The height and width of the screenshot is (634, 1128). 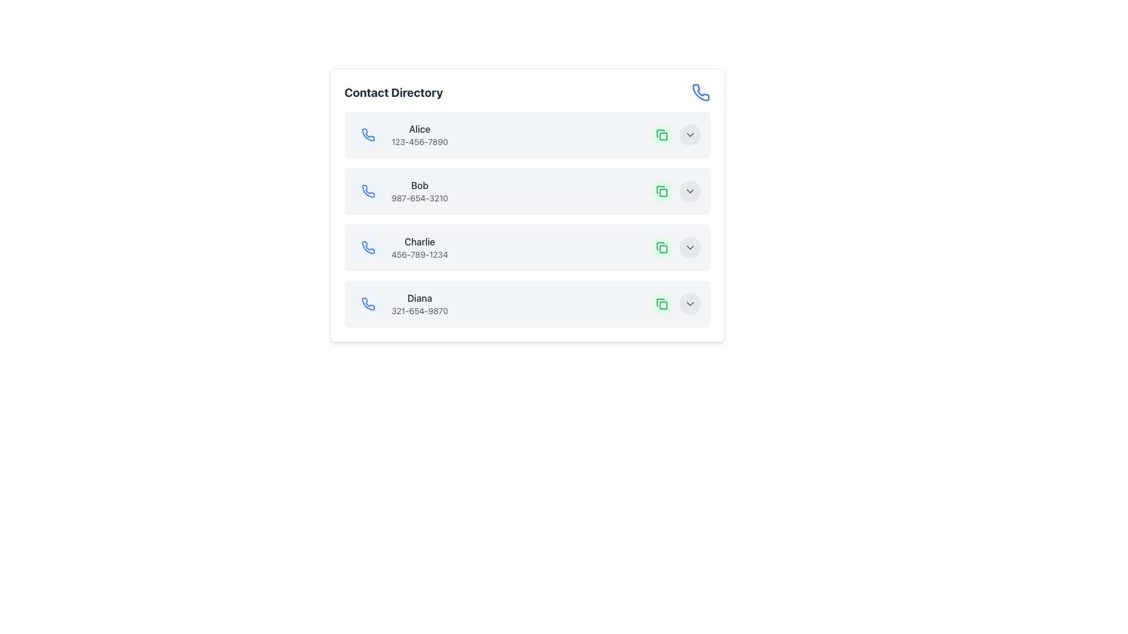 What do you see at coordinates (690, 303) in the screenshot?
I see `the small circular button with a light grey background and a downward-facing chevron icon associated with the contact 'Diana' in the 'Contact Directory' list, to interact via keyboard` at bounding box center [690, 303].